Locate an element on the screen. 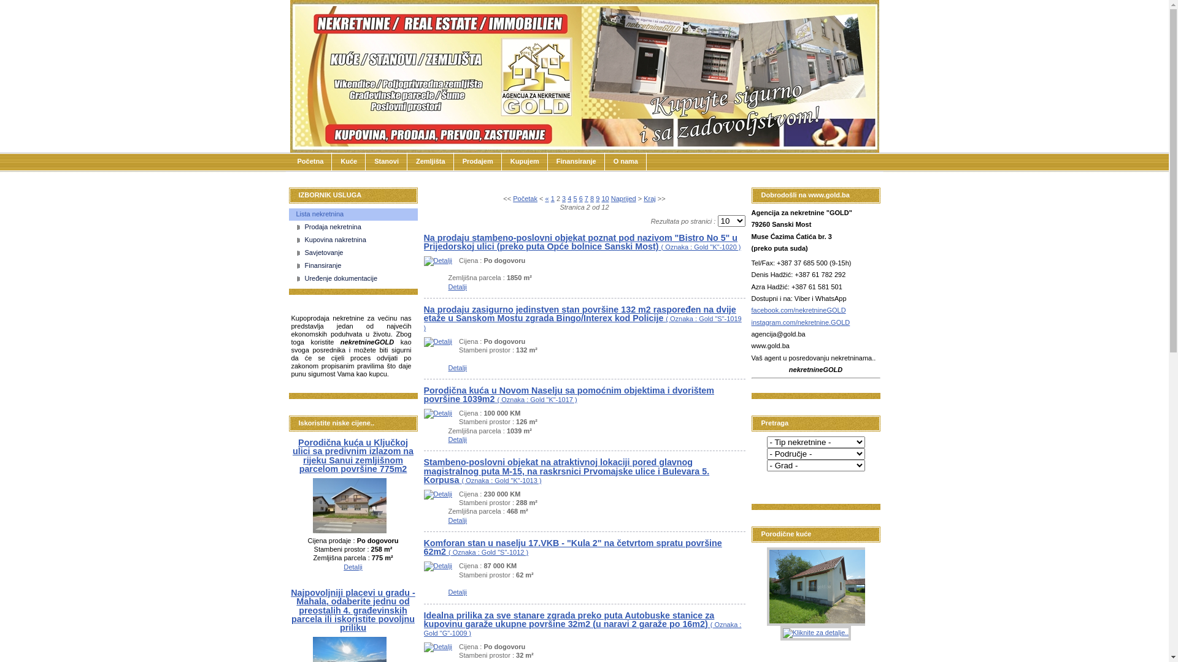 This screenshot has width=1178, height=662. 'Kliknite za detalje..' is located at coordinates (818, 508).